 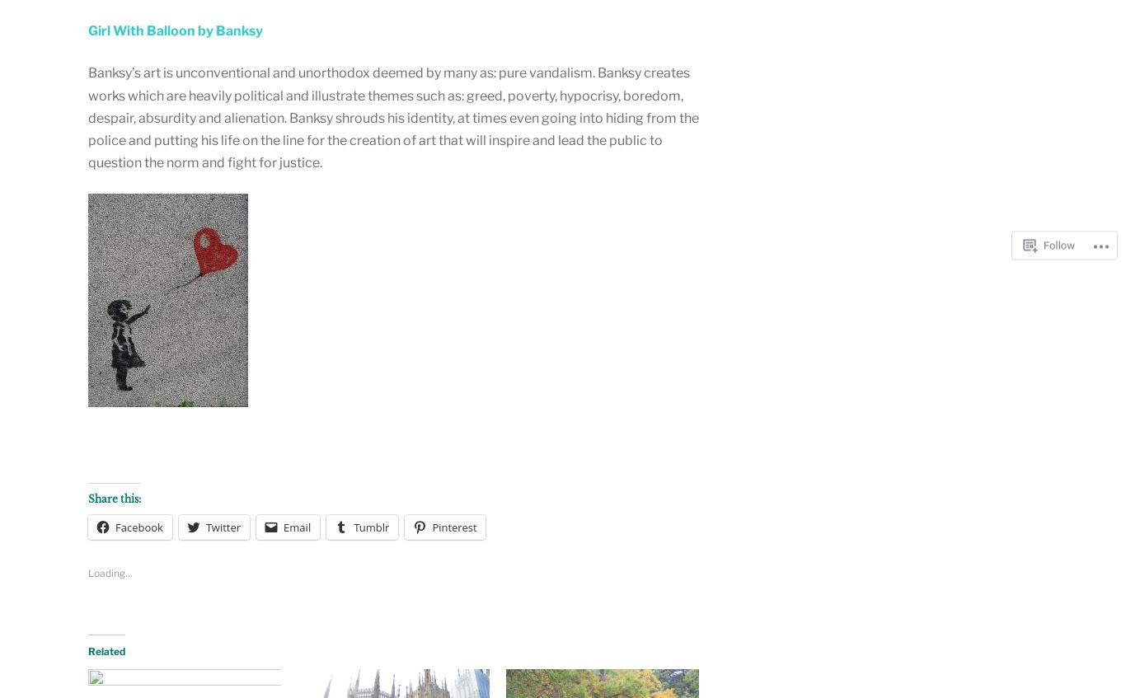 I want to click on 'Share this:', so click(x=114, y=498).